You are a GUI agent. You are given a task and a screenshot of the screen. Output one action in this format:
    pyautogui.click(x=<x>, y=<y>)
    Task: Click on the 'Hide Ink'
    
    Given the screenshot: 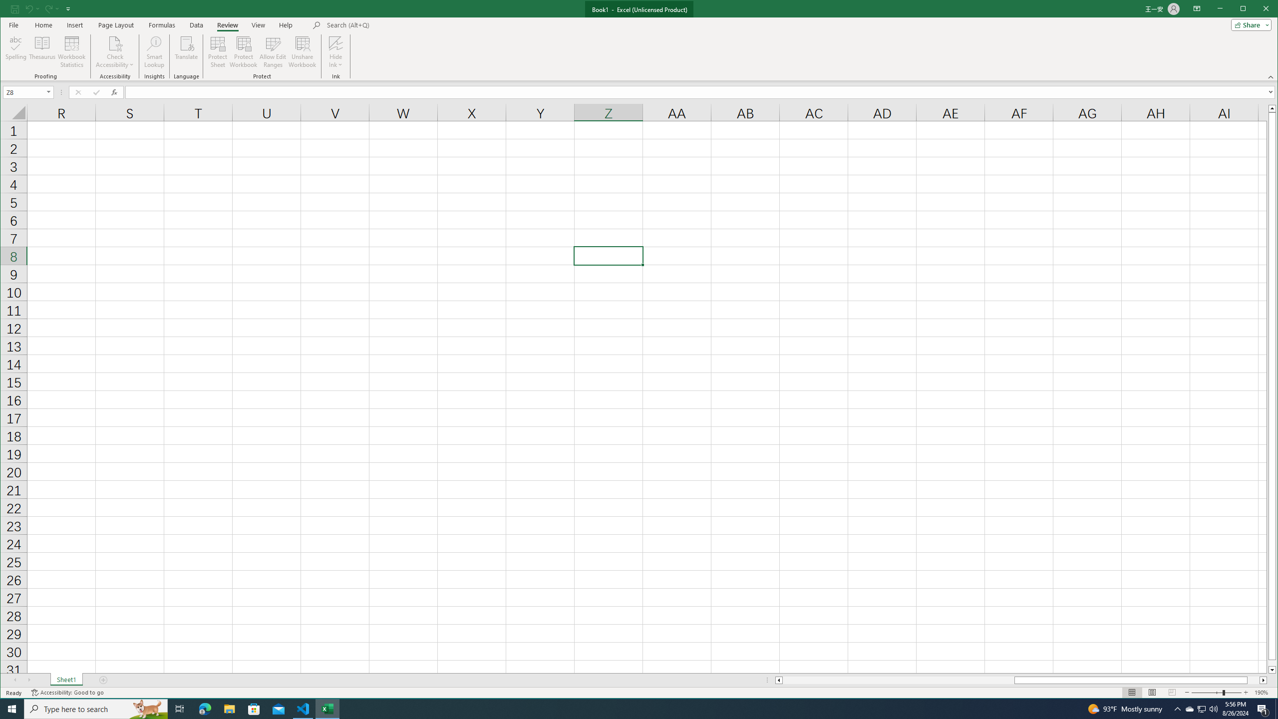 What is the action you would take?
    pyautogui.click(x=335, y=51)
    